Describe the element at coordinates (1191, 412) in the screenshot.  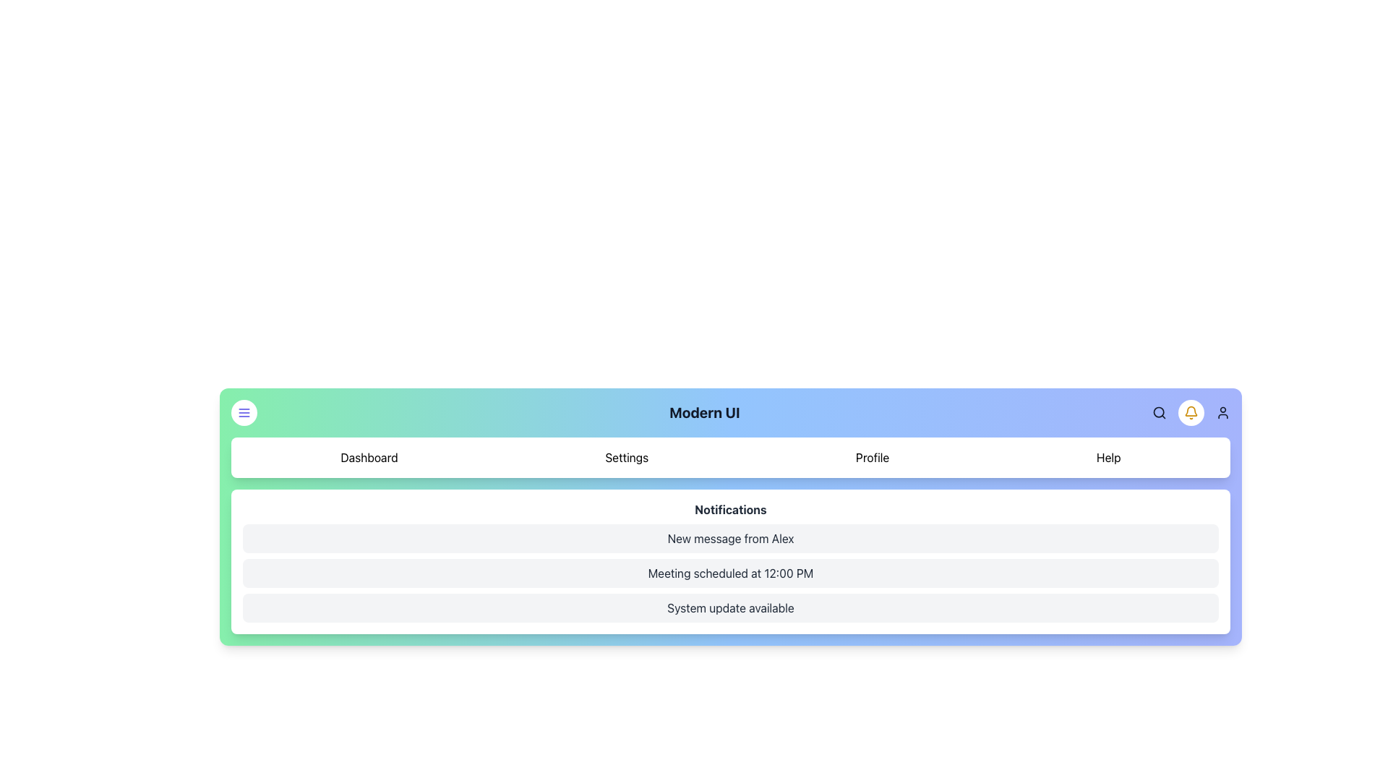
I see `the bell icon in the top-right section of the interface` at that location.